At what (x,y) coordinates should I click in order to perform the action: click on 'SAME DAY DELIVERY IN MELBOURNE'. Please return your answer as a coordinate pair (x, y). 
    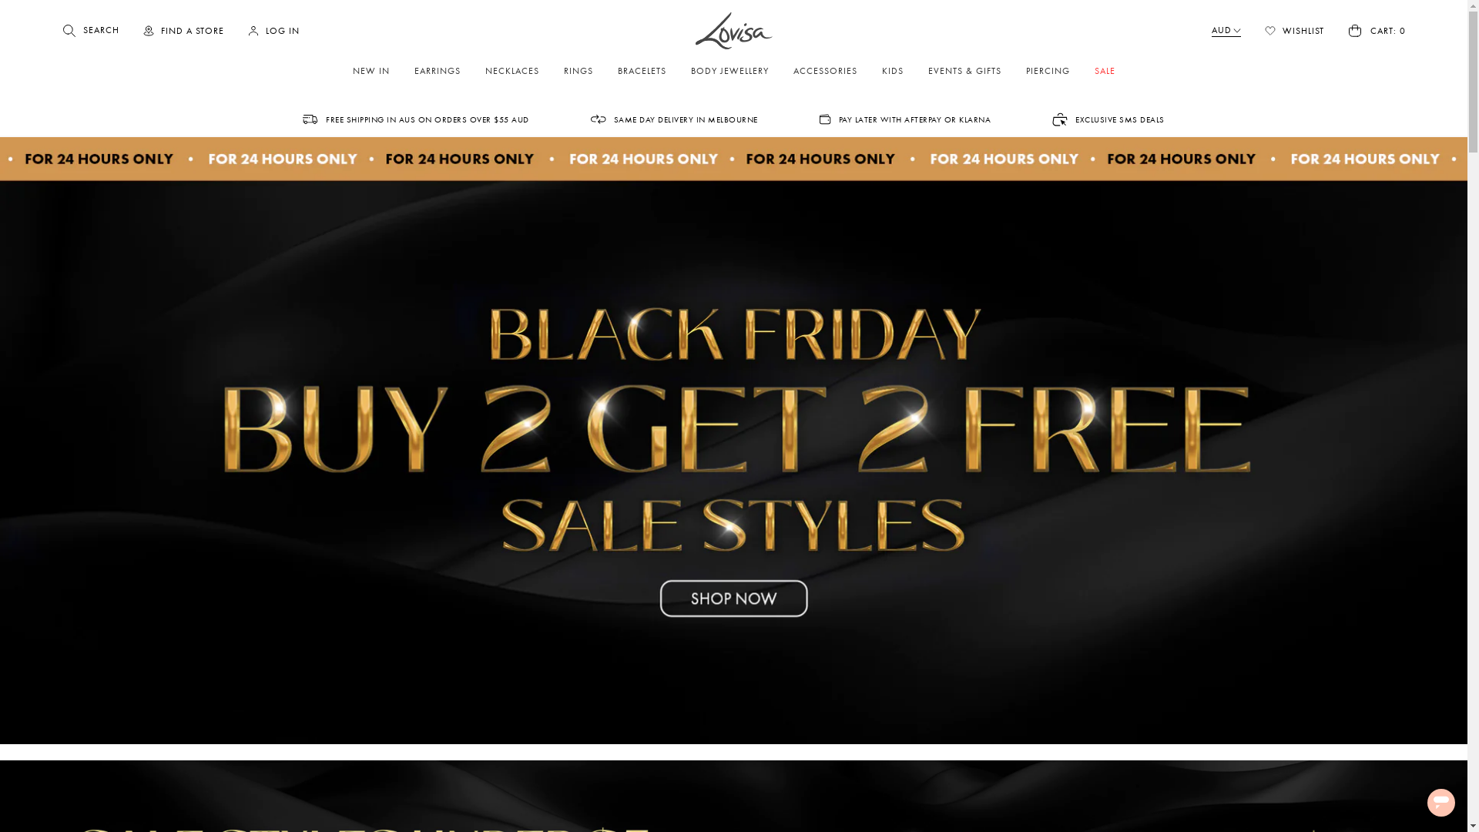
    Looking at the image, I should click on (674, 118).